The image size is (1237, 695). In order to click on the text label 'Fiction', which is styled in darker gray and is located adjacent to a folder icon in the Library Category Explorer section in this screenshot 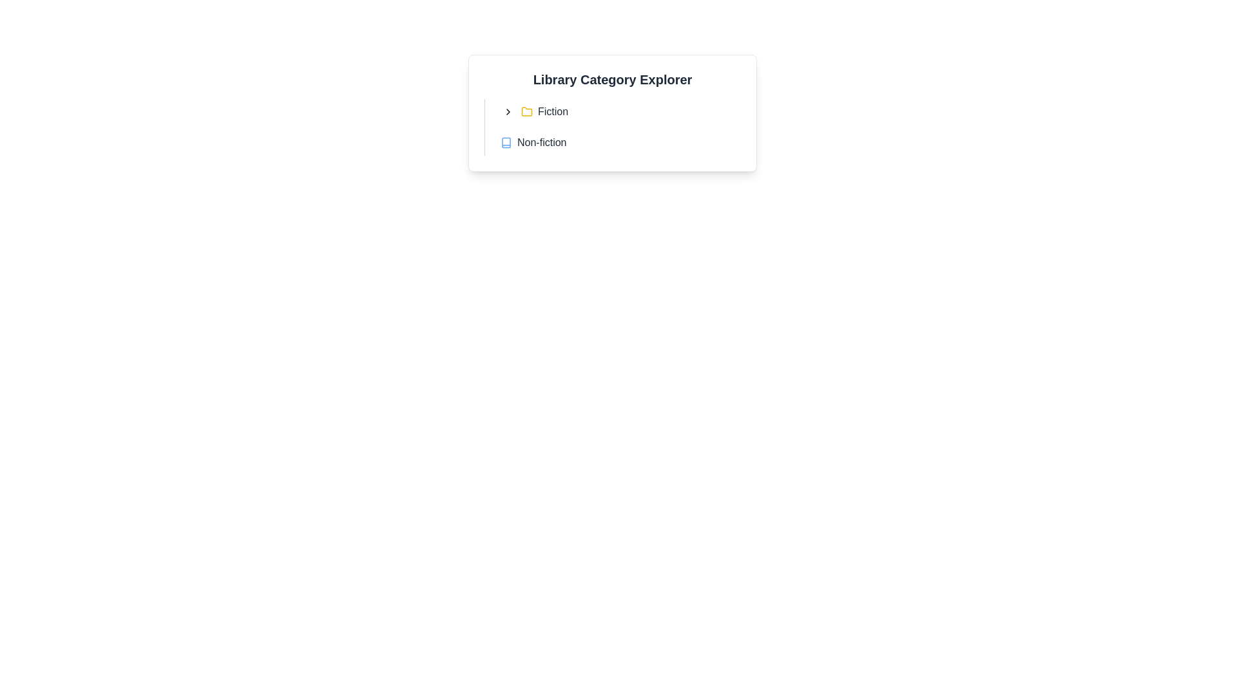, I will do `click(553, 111)`.